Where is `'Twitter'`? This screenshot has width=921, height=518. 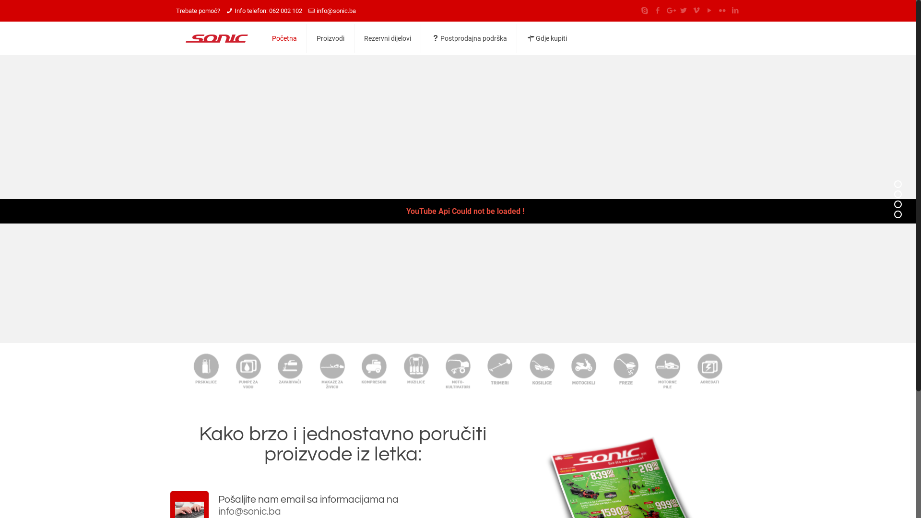 'Twitter' is located at coordinates (683, 11).